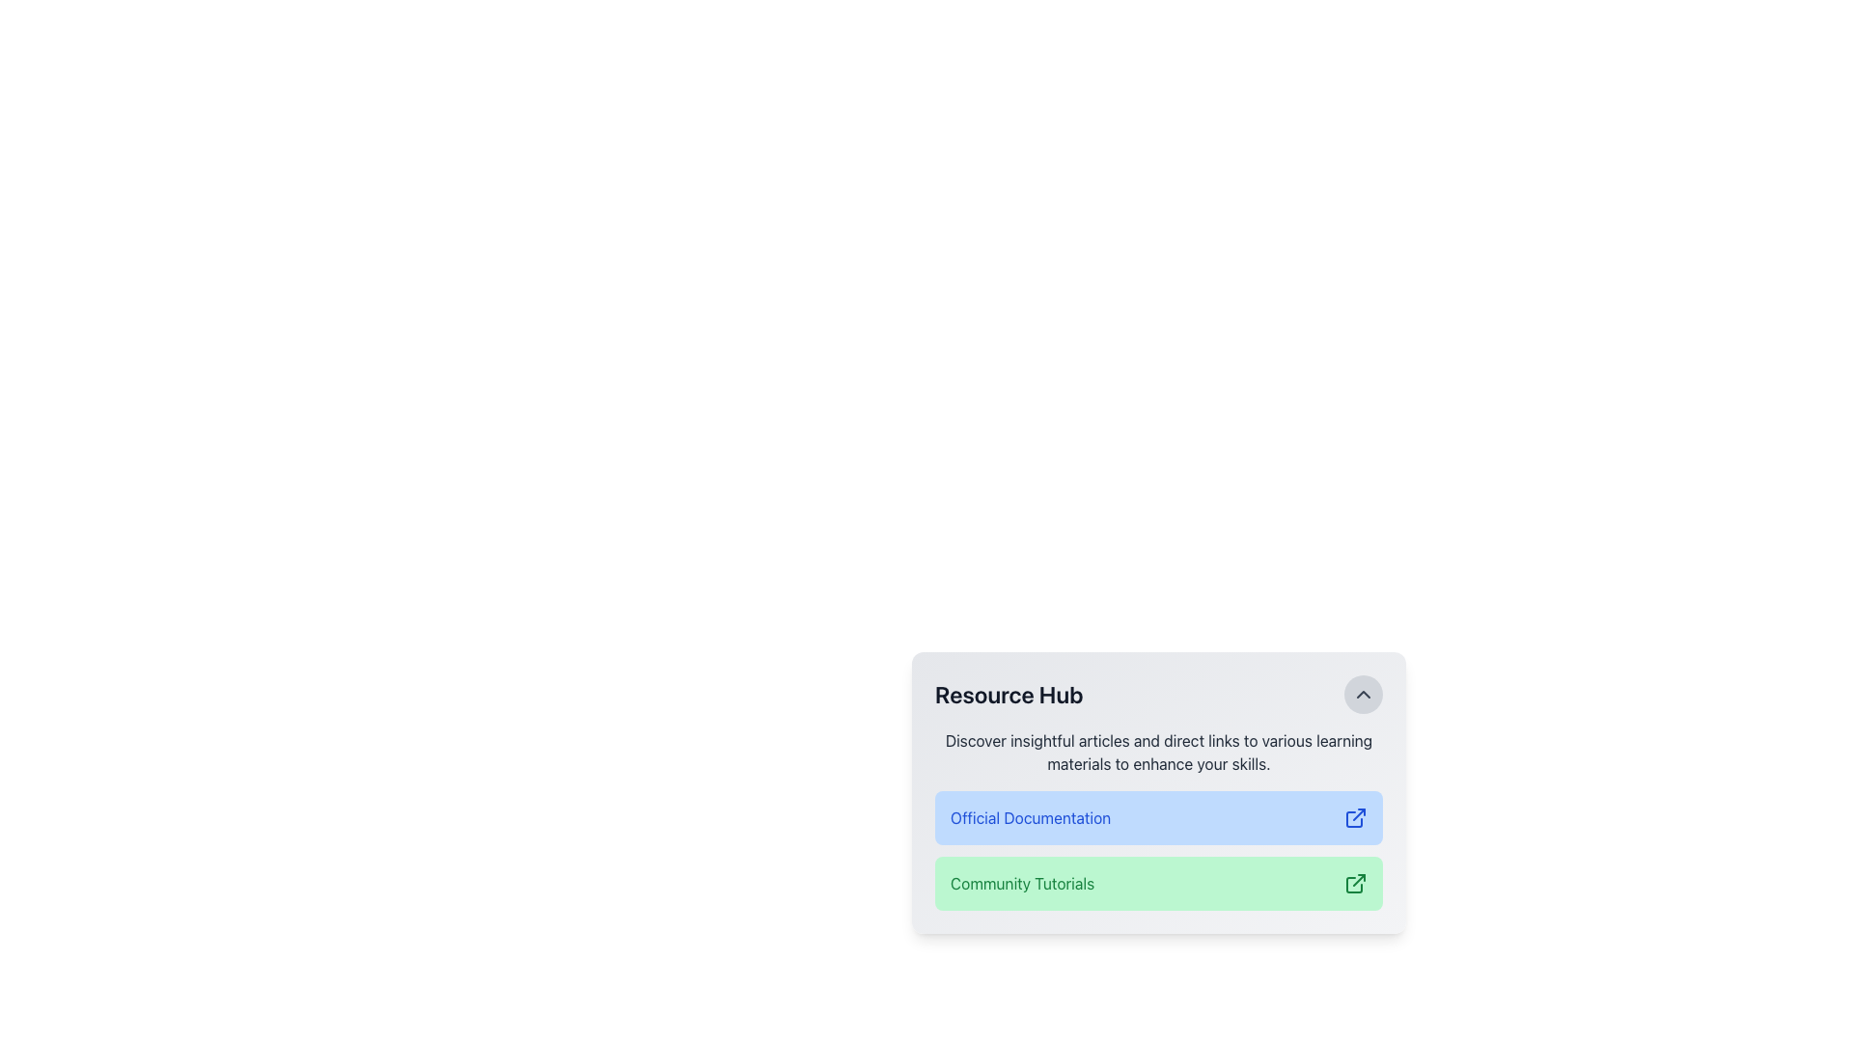 Image resolution: width=1853 pixels, height=1042 pixels. Describe the element at coordinates (1030, 818) in the screenshot. I see `the blue text link labeled 'Official Documentation' located at the top of the 'Resource Hub' section` at that location.